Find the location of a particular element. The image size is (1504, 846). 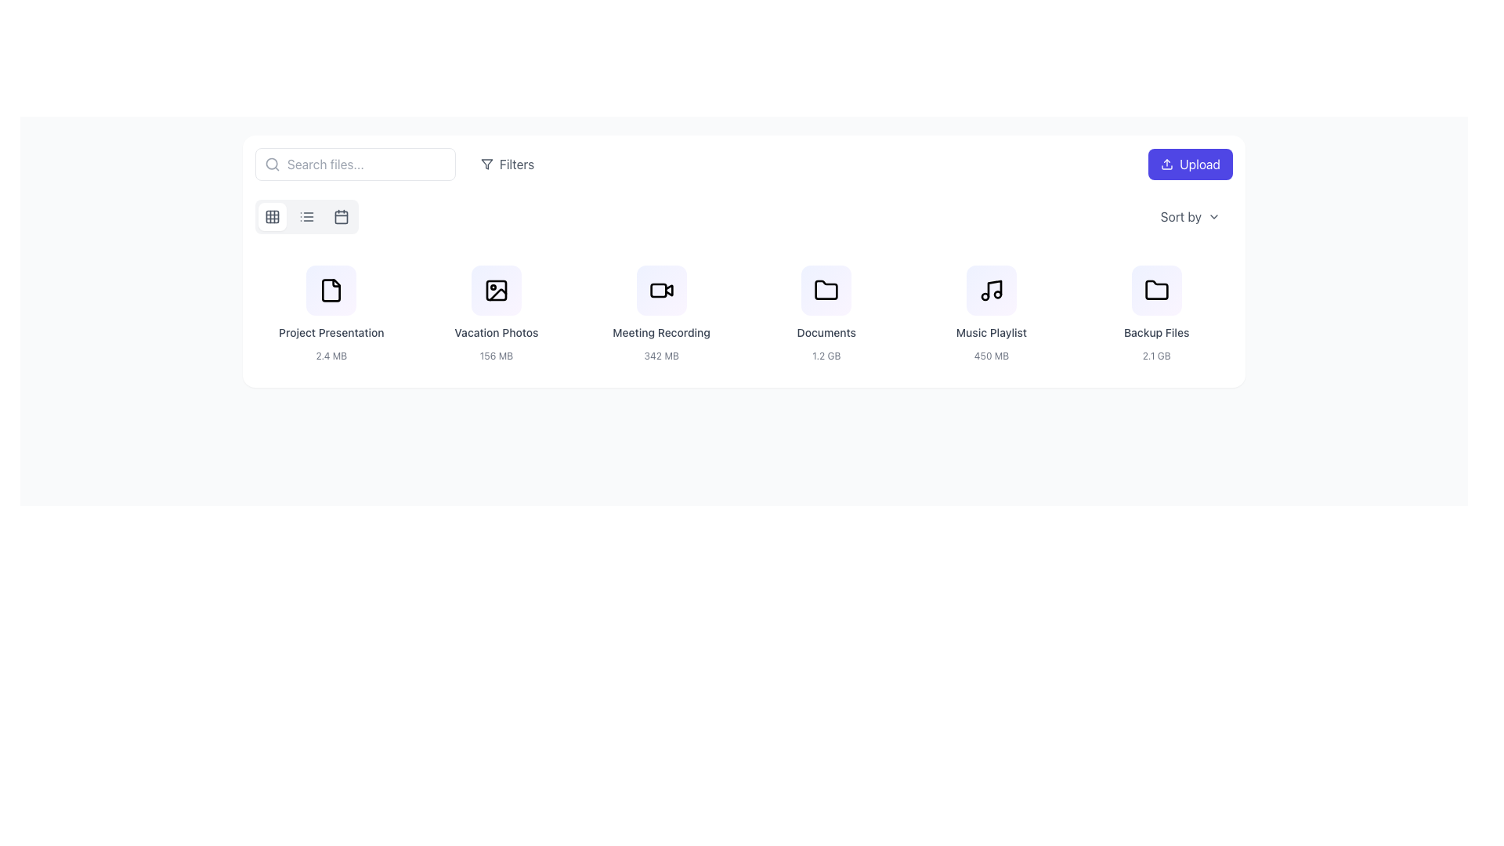

the gray magnifying glass icon located at the leftmost side of the search bar is located at coordinates (272, 164).